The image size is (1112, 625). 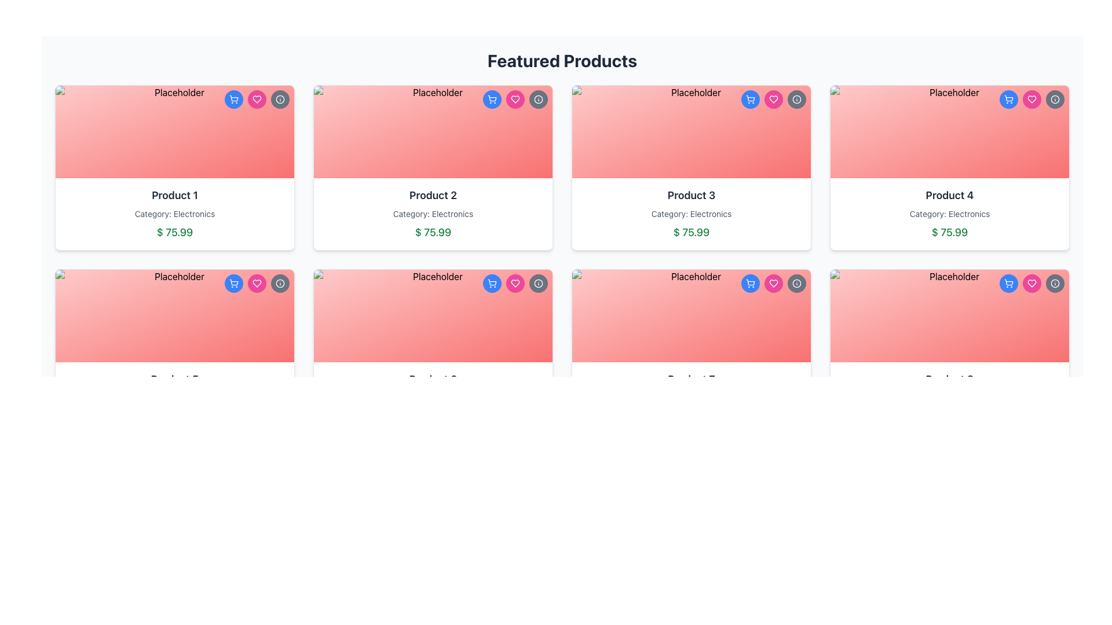 I want to click on the heart icon filled with bright pink color located in the upper-right corner of the third product card, so click(x=773, y=99).